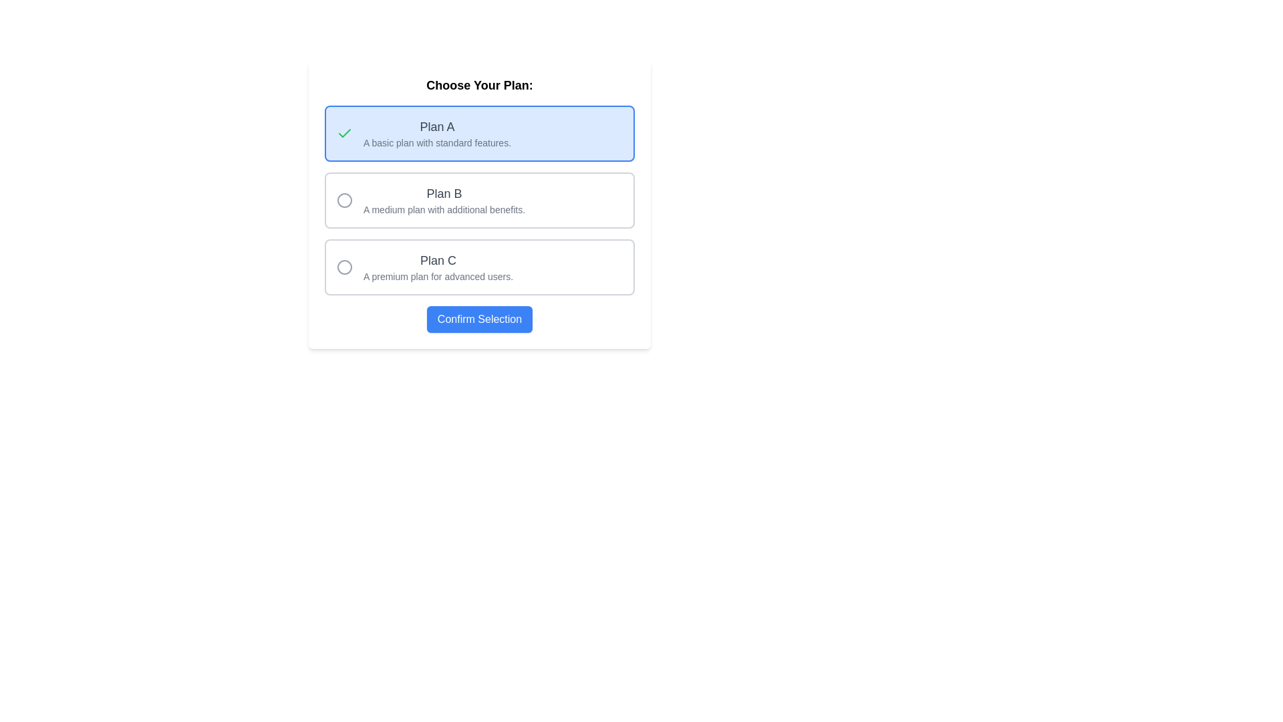 The height and width of the screenshot is (722, 1283). What do you see at coordinates (430, 201) in the screenshot?
I see `the radio button selector for 'Plan B', which is part of a group of selectable plans` at bounding box center [430, 201].